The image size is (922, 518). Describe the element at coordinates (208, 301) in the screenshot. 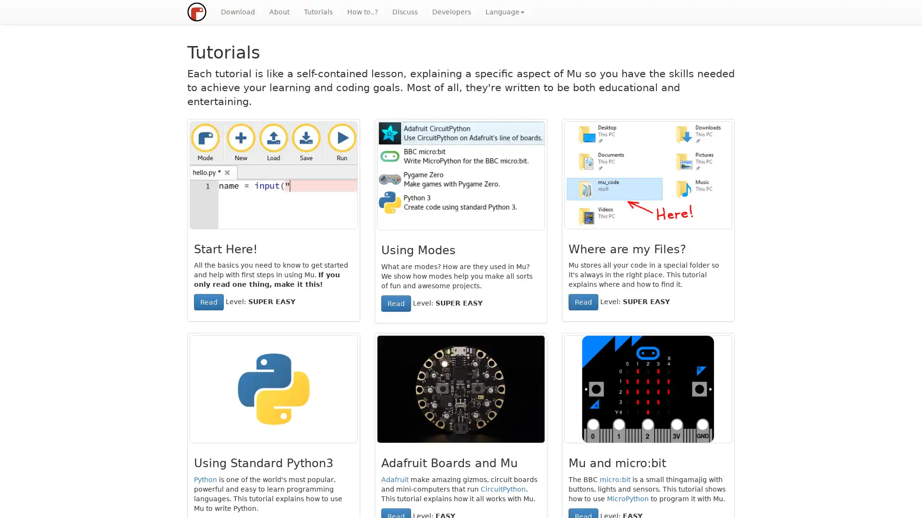

I see `Read` at that location.